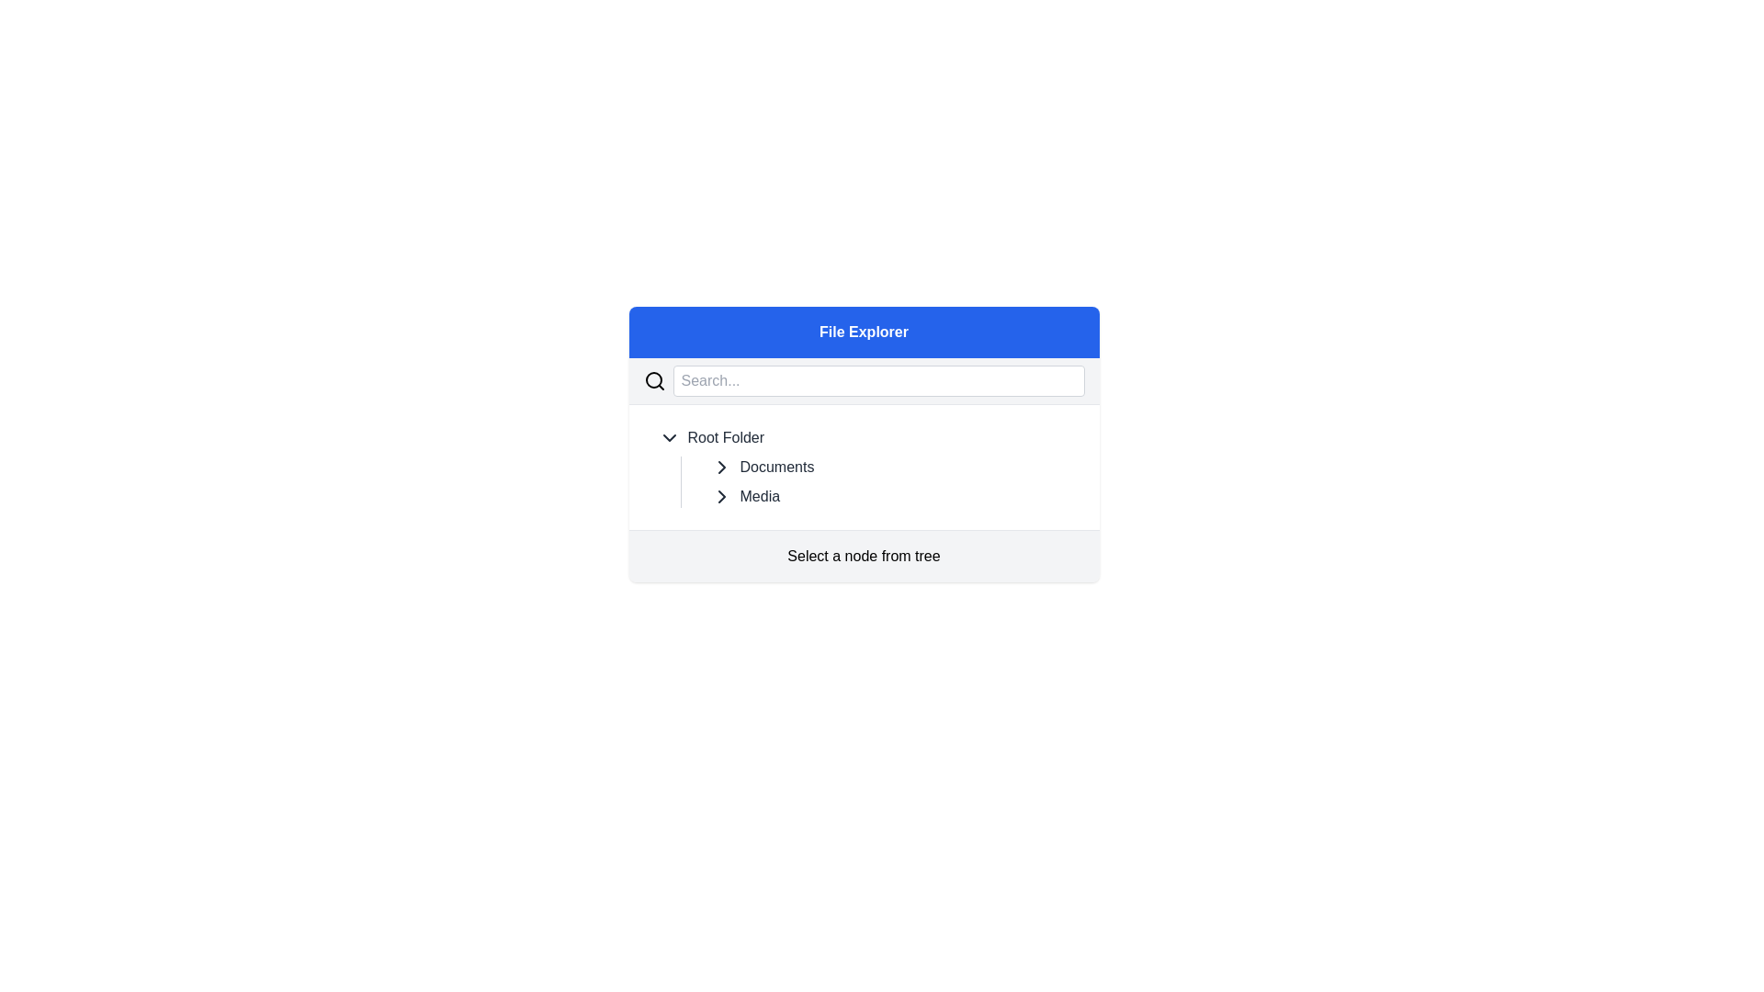 This screenshot has height=992, width=1764. What do you see at coordinates (653, 378) in the screenshot?
I see `the SVG graphical component representing the magnifying glass icon used for search functionality, located to the left of the search input field in the 'File Explorer' interface` at bounding box center [653, 378].